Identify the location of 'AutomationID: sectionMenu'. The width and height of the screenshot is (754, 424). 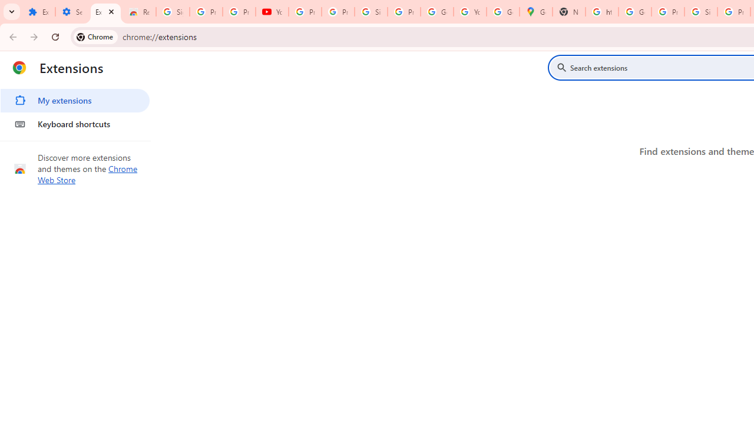
(75, 110).